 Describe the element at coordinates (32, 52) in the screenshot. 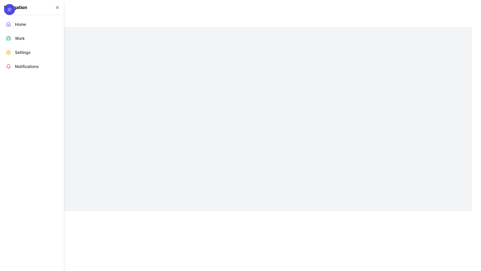

I see `the settings button located in the vertical navigation menu` at that location.